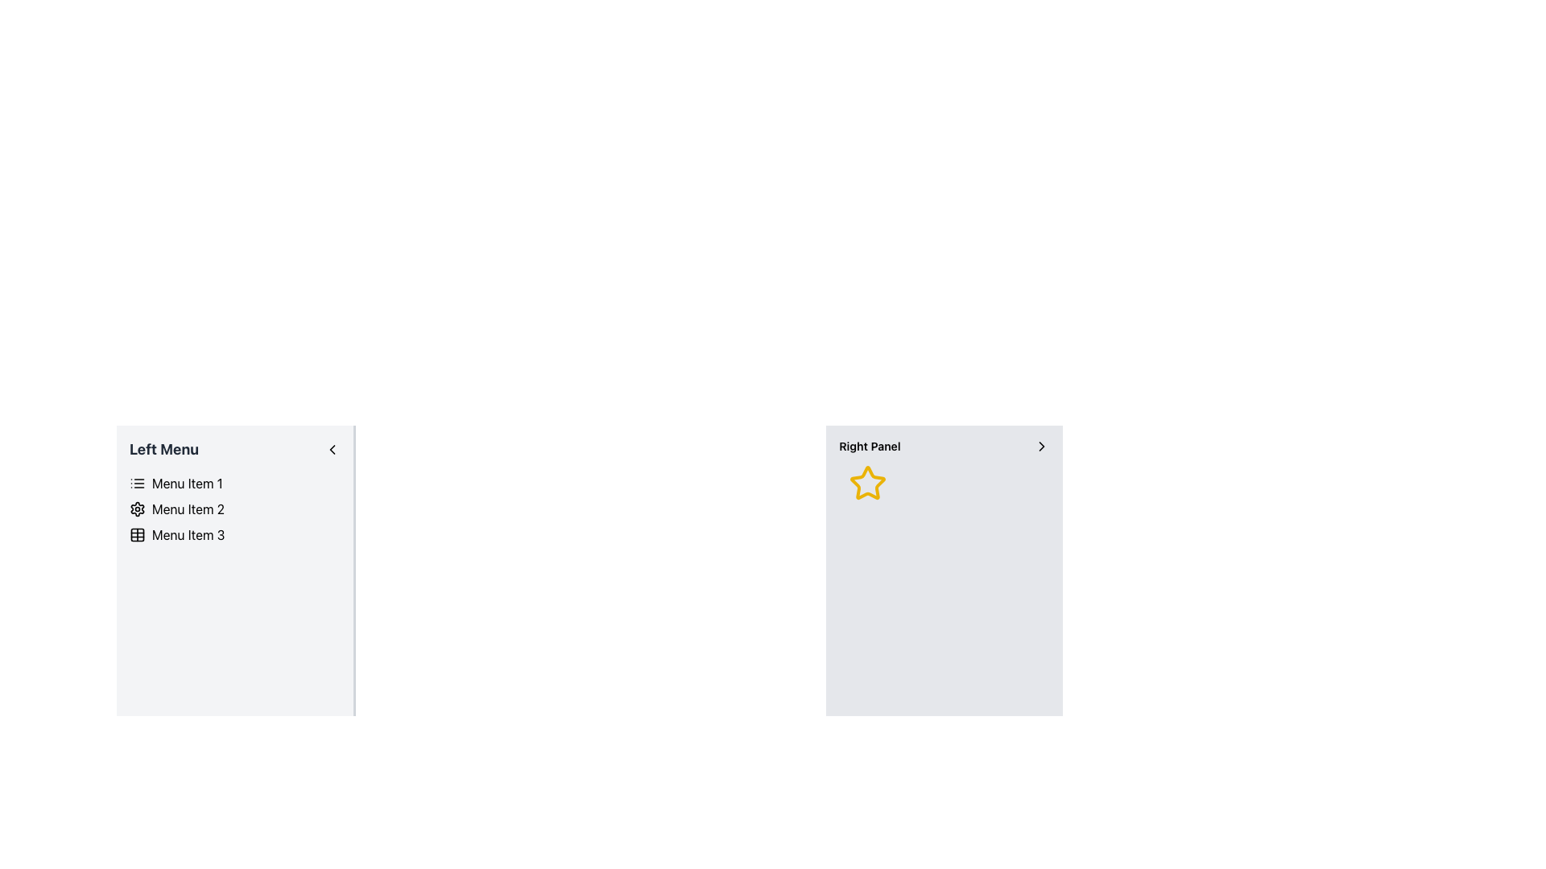 The height and width of the screenshot is (869, 1546). I want to click on the Text Label that serves as the heading or title for the menu section, located near the upper left area of the menu panel, so click(163, 450).